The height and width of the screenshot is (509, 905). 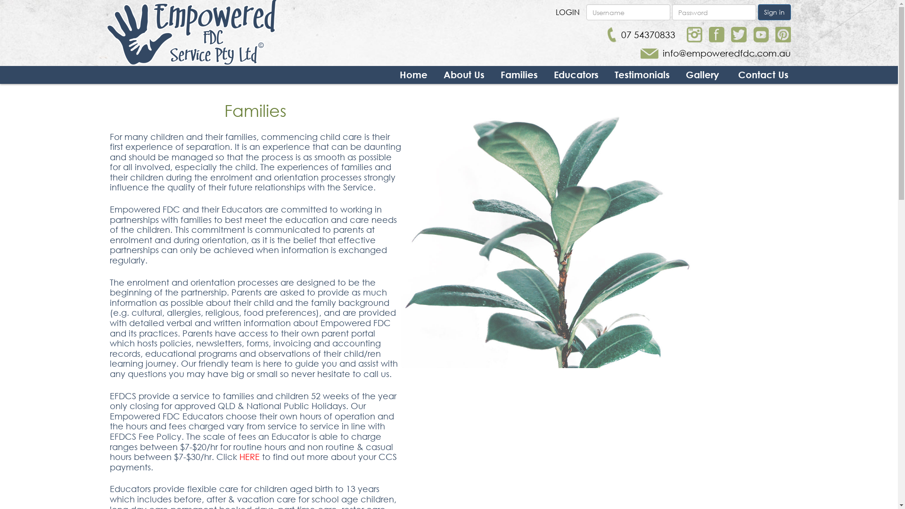 I want to click on 'info@empoweredfdc.com.au', so click(x=715, y=53).